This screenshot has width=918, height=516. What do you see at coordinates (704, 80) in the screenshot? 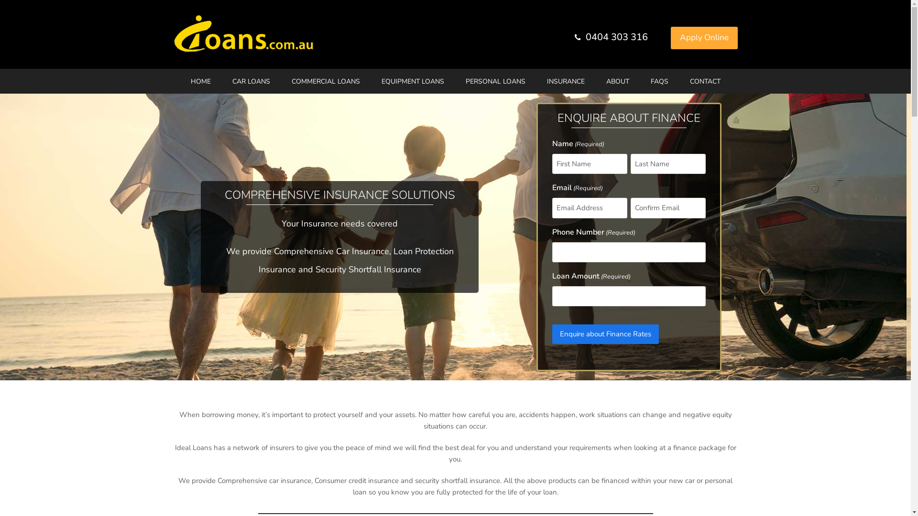
I see `'CONTACT'` at bounding box center [704, 80].